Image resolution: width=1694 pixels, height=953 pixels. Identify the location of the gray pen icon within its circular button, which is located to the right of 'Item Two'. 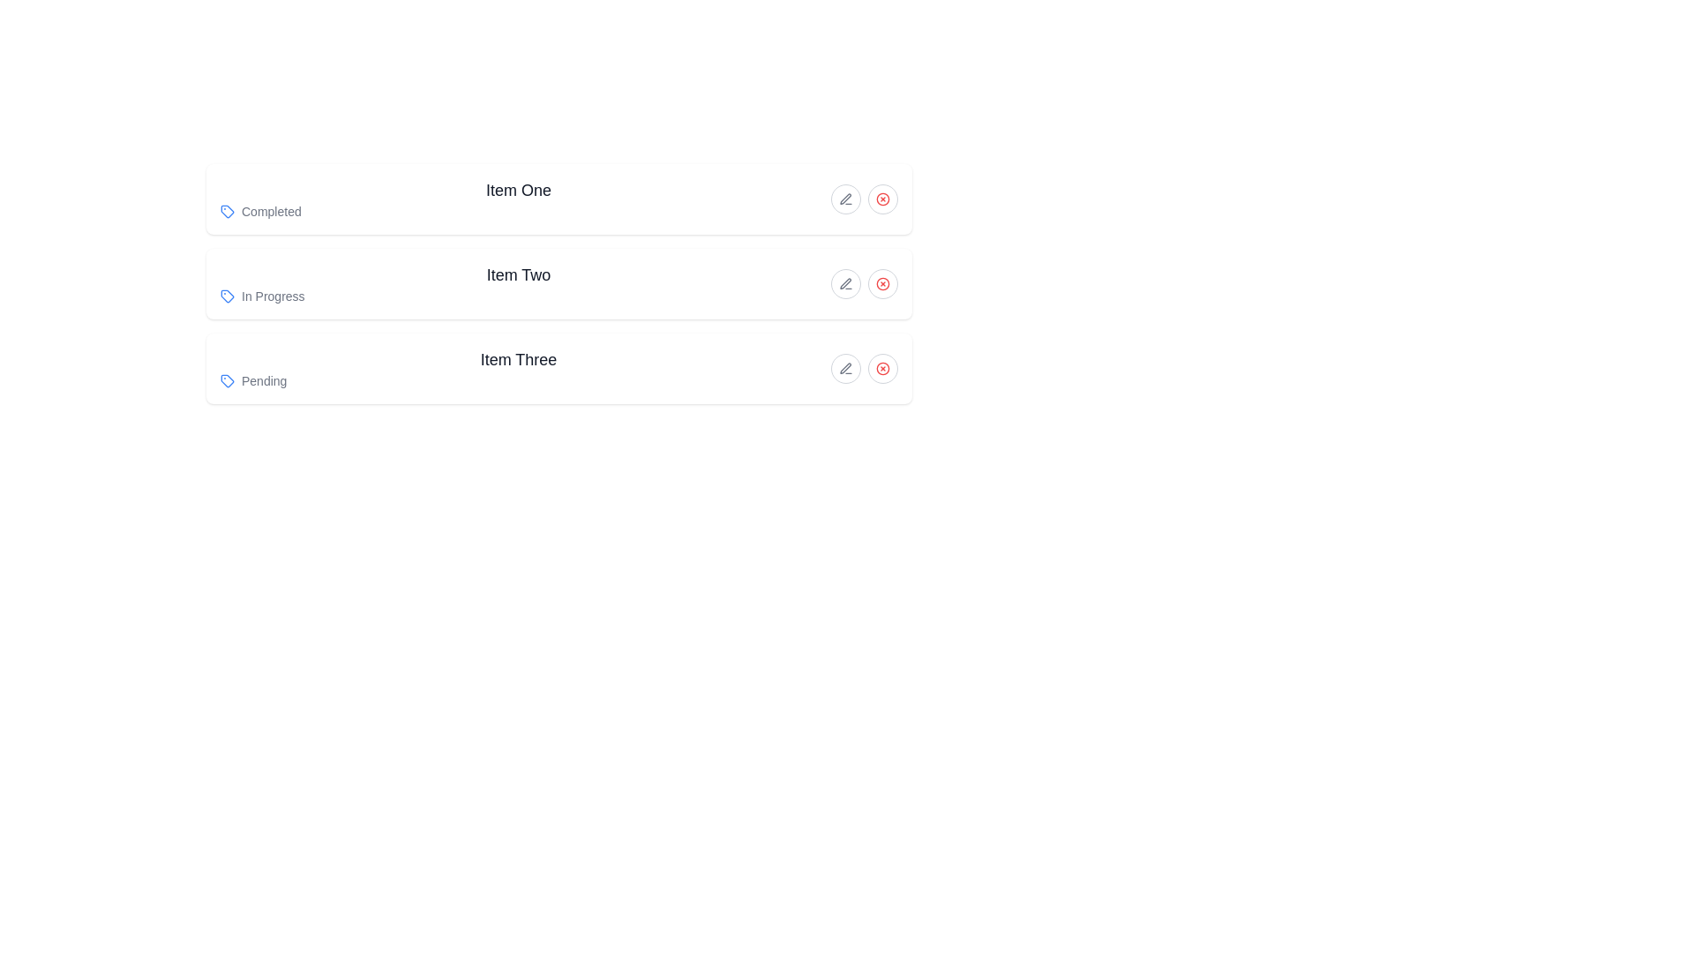
(845, 367).